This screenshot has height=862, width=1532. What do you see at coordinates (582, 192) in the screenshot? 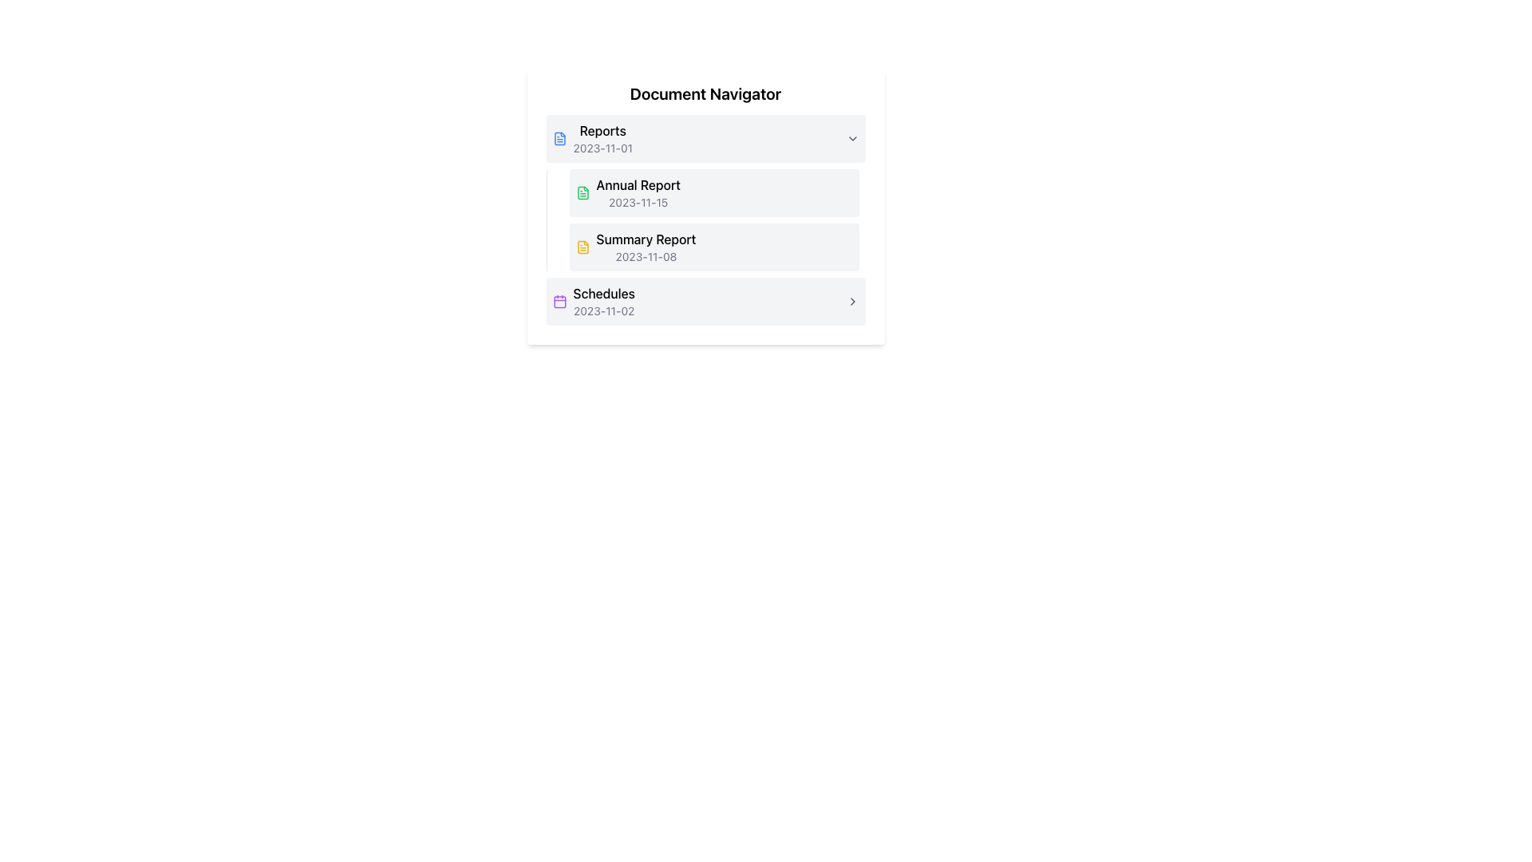
I see `the file icon represented by a green geometric shape with a rectangular base and a folded corner, located in the 'Annual Report' section under 'Reports'` at bounding box center [582, 192].